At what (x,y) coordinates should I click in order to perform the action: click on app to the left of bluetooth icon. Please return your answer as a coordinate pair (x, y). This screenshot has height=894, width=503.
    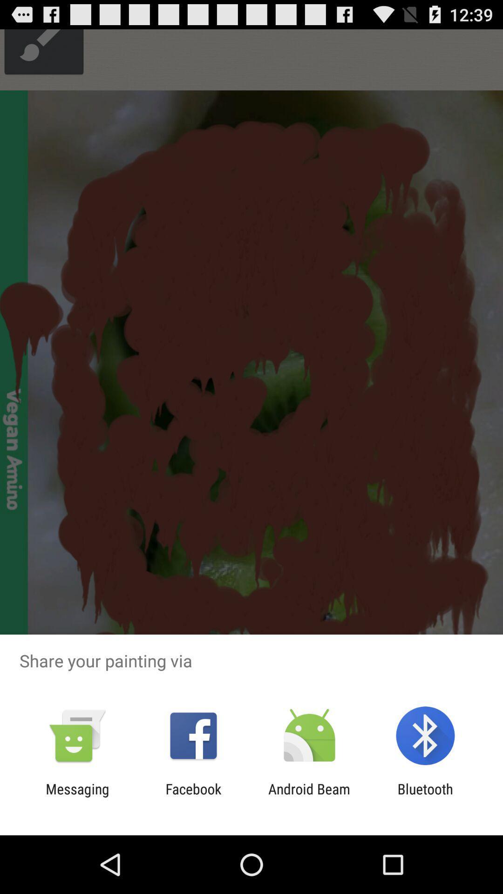
    Looking at the image, I should click on (309, 797).